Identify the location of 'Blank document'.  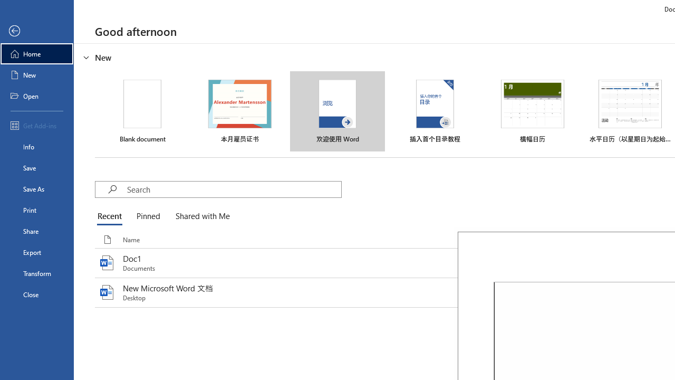
(142, 111).